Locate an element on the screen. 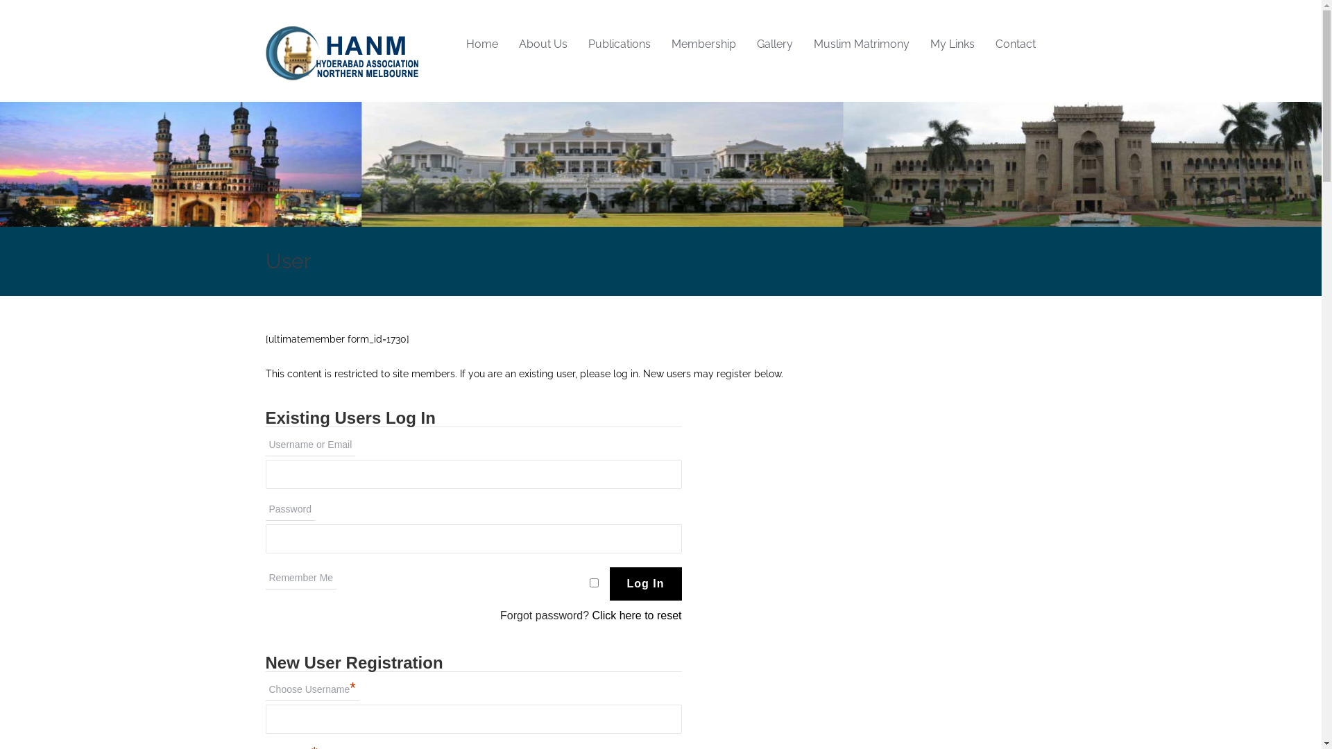 Image resolution: width=1332 pixels, height=749 pixels. 'Log In' is located at coordinates (609, 583).